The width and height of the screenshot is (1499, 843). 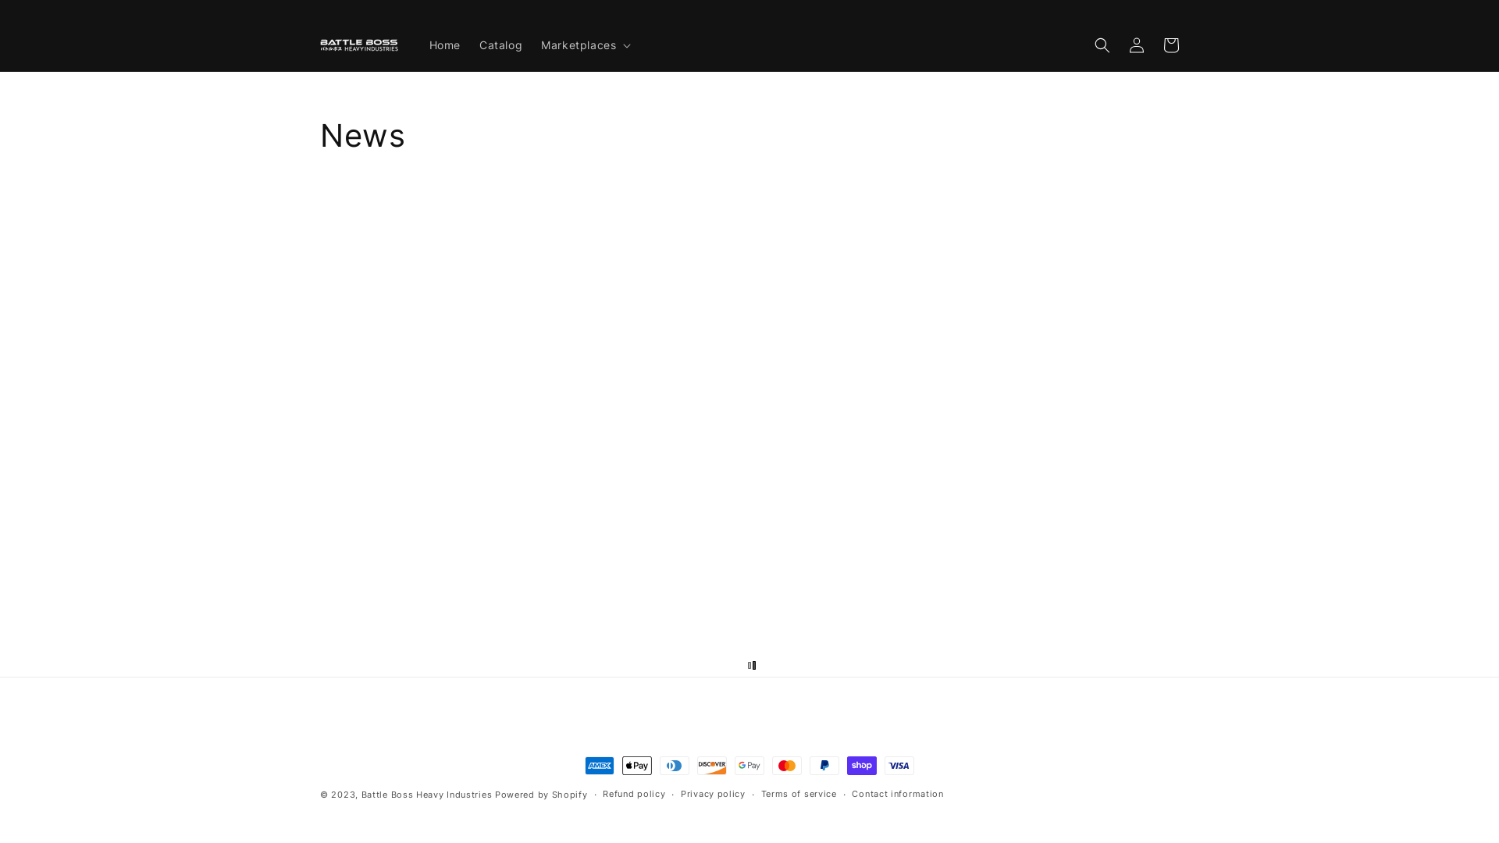 What do you see at coordinates (799, 794) in the screenshot?
I see `'Terms of service'` at bounding box center [799, 794].